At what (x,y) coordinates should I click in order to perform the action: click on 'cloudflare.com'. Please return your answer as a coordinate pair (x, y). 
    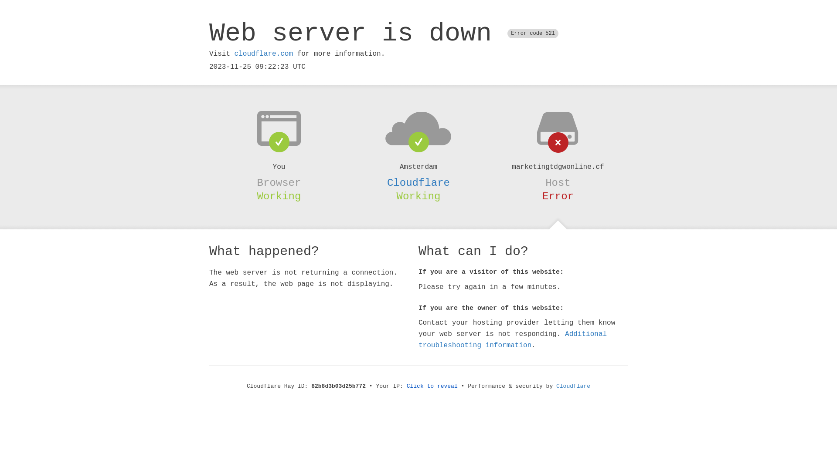
    Looking at the image, I should click on (263, 54).